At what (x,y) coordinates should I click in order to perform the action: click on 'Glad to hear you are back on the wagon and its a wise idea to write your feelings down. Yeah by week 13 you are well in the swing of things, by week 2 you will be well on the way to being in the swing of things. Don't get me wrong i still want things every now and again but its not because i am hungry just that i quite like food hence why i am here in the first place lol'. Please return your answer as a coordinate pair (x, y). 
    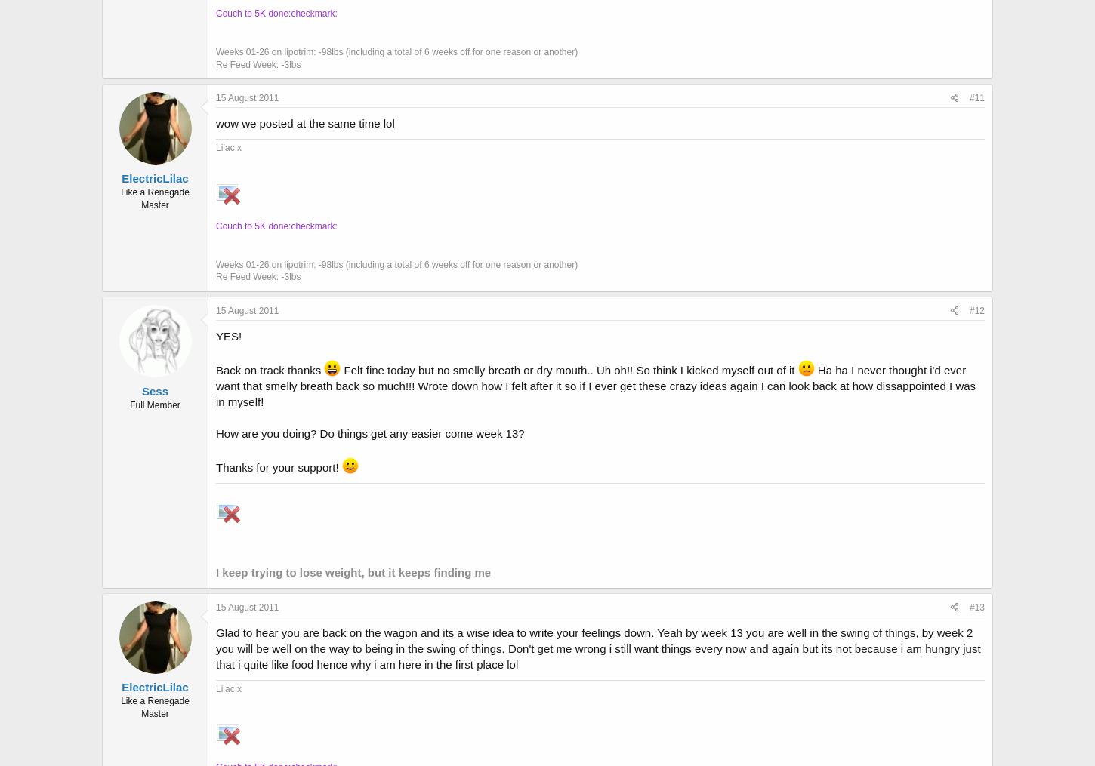
    Looking at the image, I should click on (597, 648).